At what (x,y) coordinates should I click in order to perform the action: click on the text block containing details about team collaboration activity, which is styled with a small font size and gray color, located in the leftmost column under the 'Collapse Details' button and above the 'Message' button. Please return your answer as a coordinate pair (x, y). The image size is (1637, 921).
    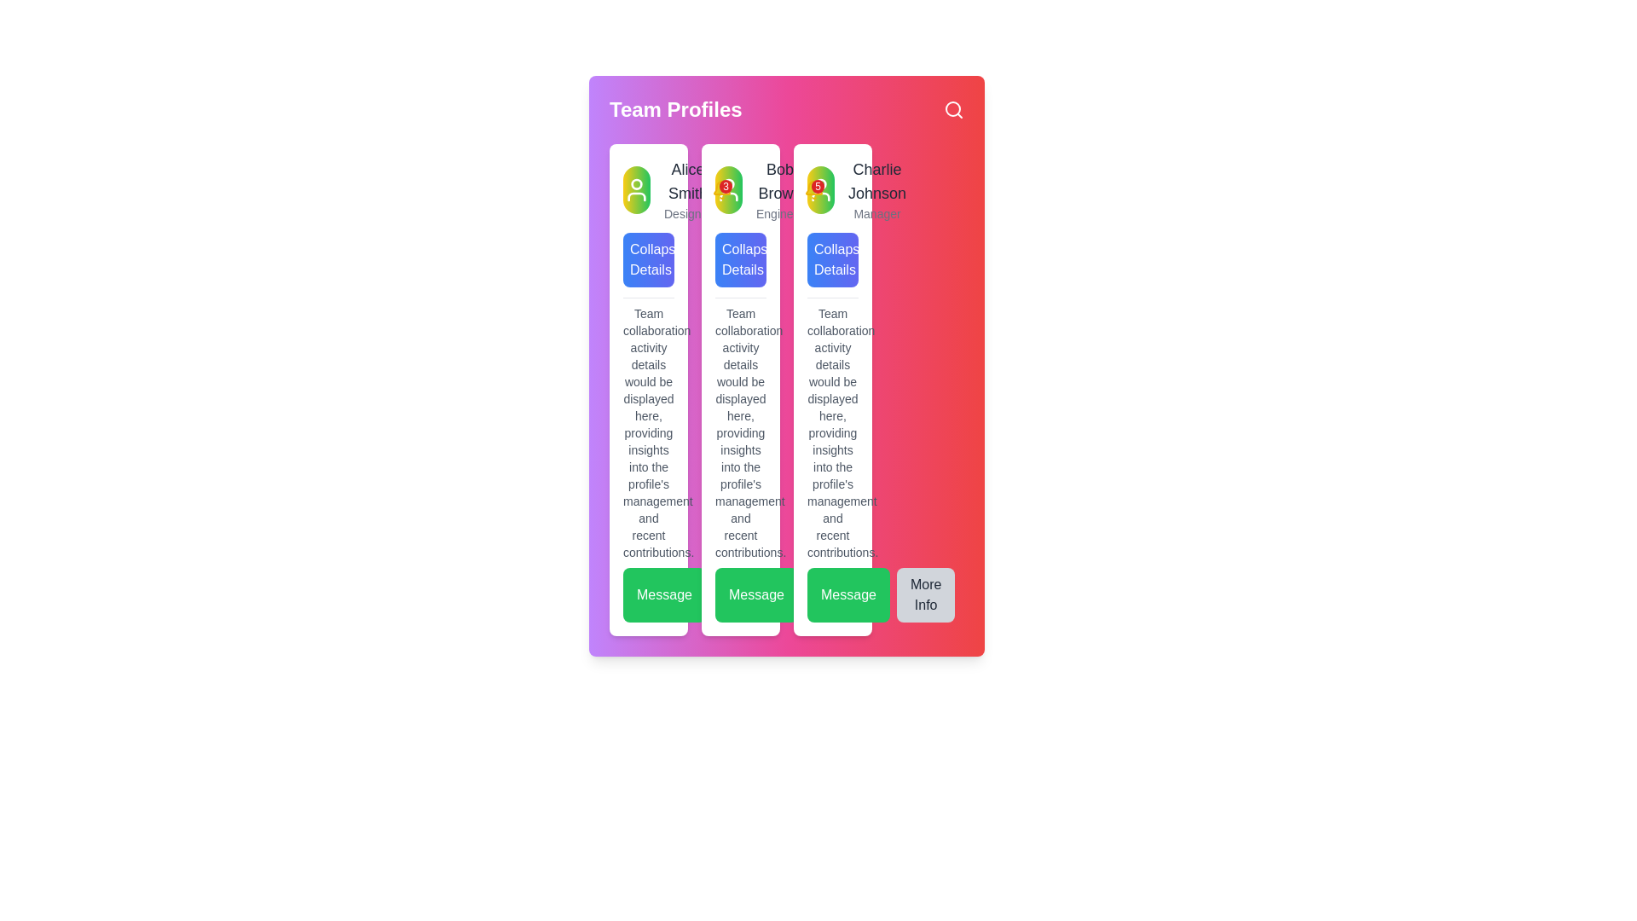
    Looking at the image, I should click on (648, 432).